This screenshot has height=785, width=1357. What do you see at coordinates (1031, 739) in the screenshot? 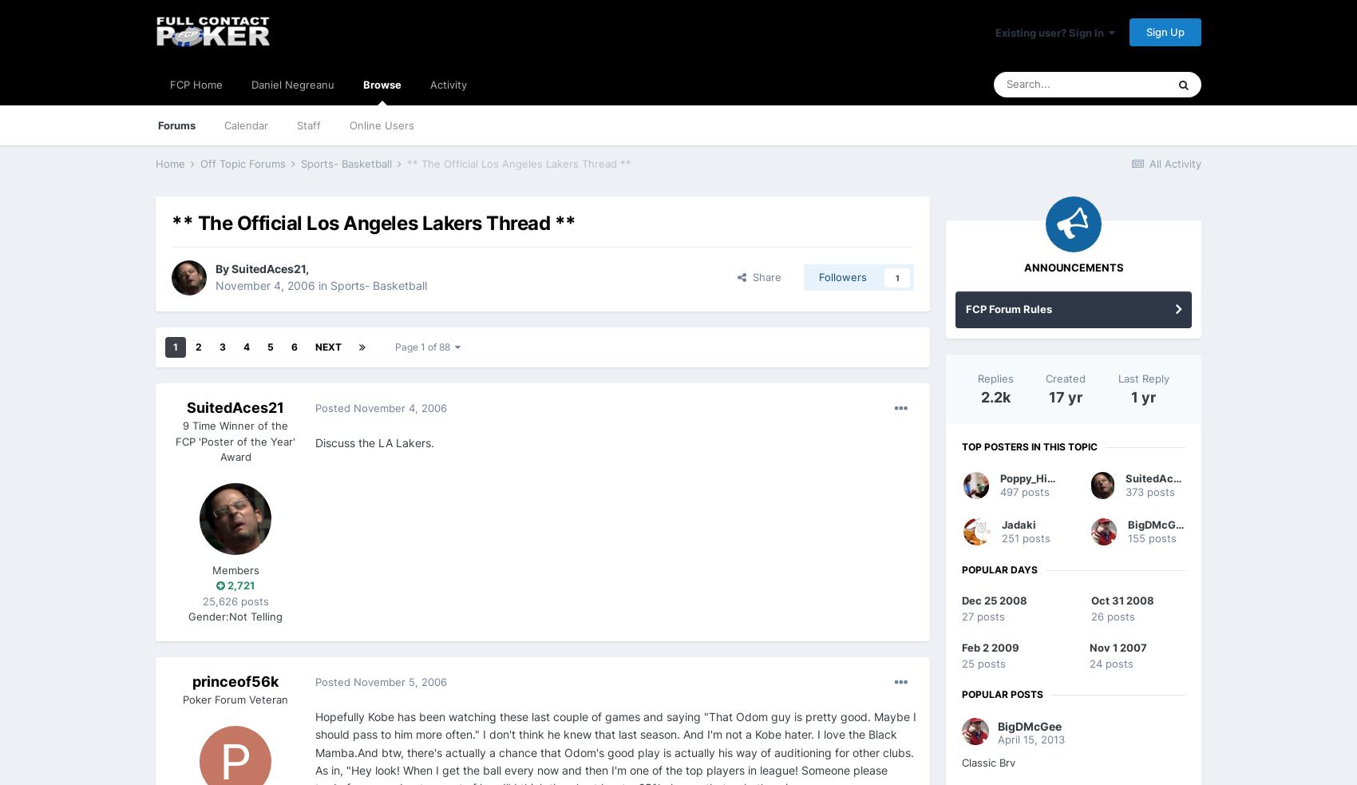
I see `'April 15, 2013'` at bounding box center [1031, 739].